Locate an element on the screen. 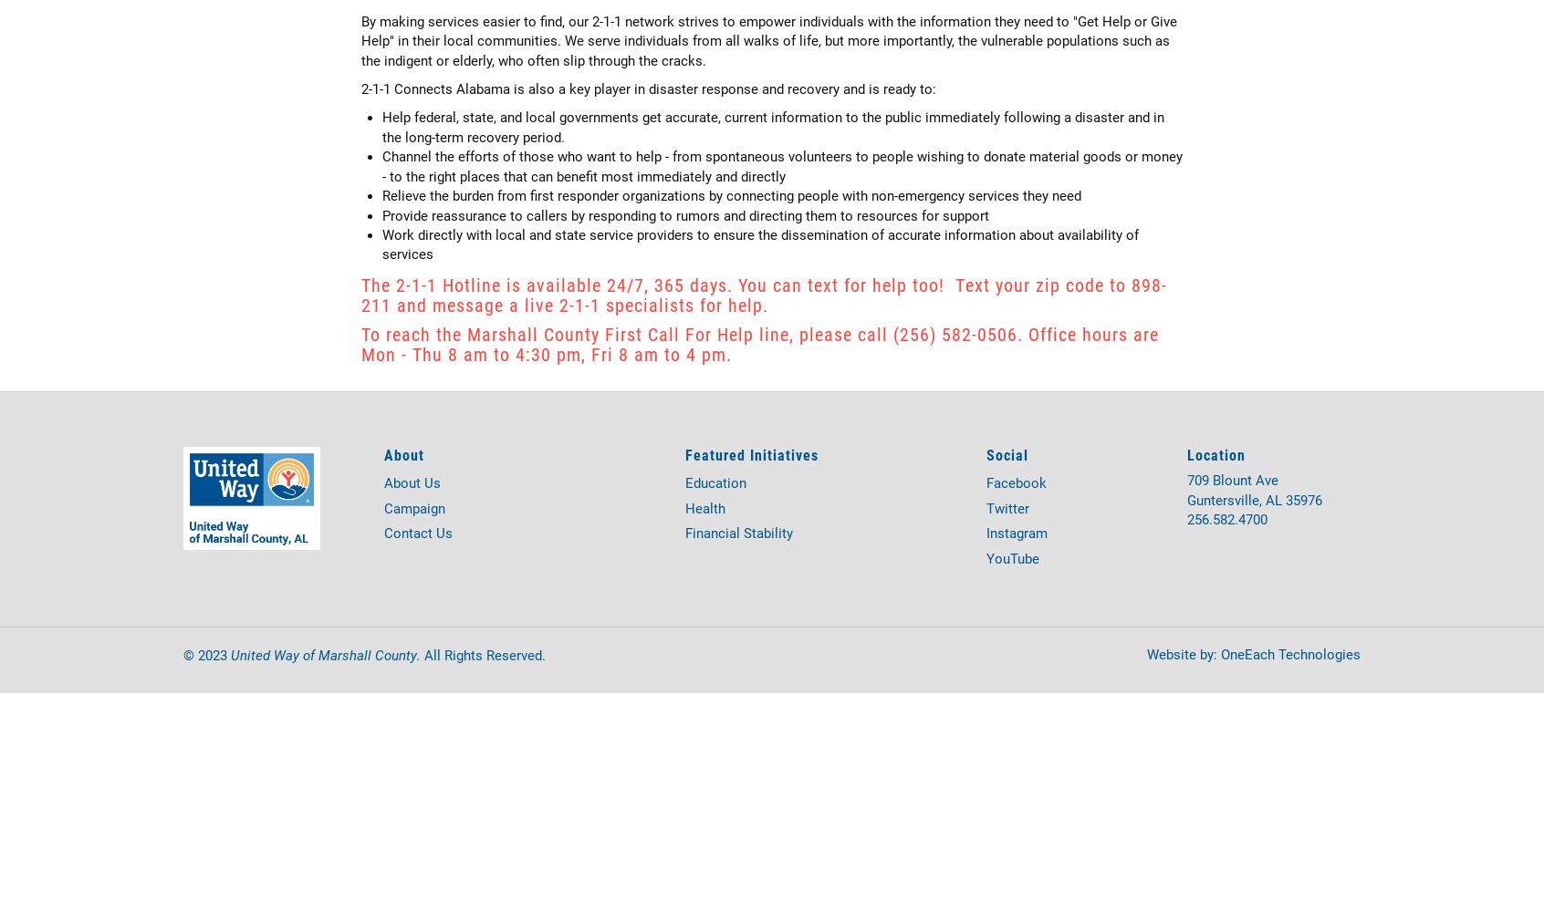 This screenshot has height=912, width=1544. 'By making services easier to find, our 2-1-1 network strives to empower individuals with the information they need to "Get Help or Give Help" in their local communities. We serve individuals from all walks of life, but more importantly, the vulnerable populations such as the indigent or elderly, who often slip through the cracks.' is located at coordinates (360, 40).